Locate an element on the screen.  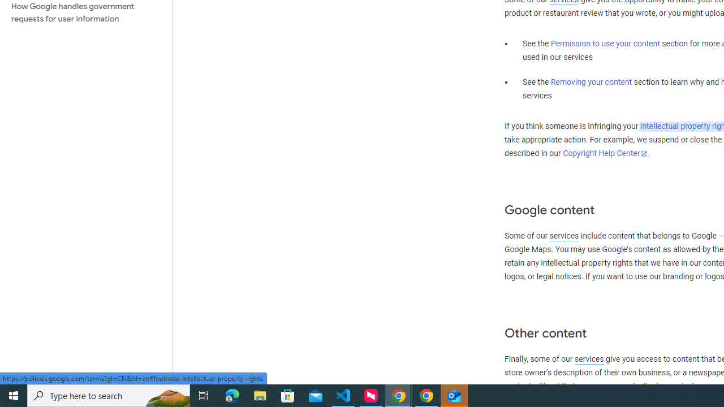
'Removing your content' is located at coordinates (591, 81).